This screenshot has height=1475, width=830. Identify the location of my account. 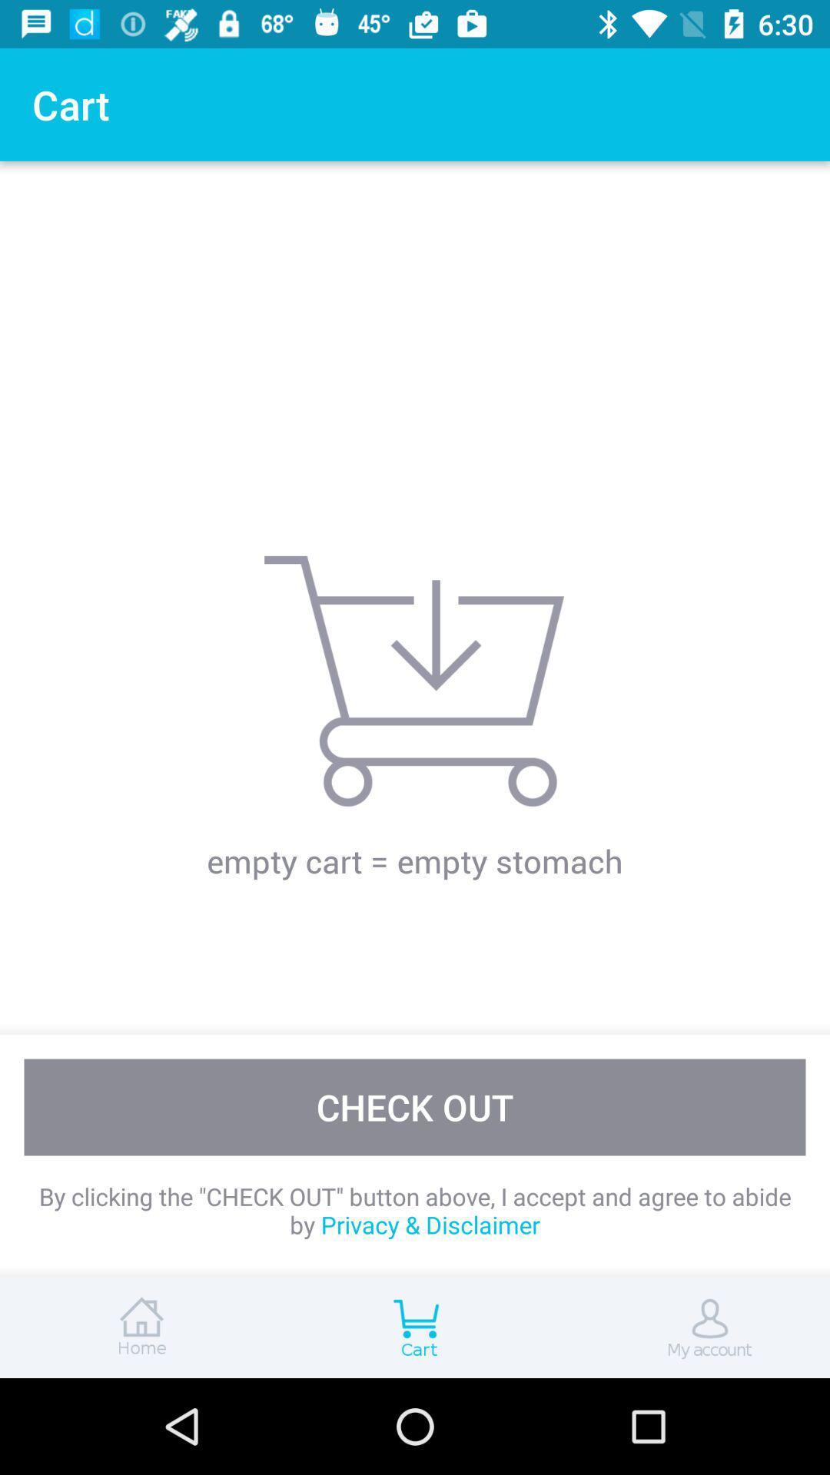
(690, 1327).